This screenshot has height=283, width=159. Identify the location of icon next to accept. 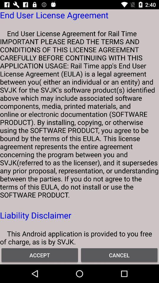
(119, 255).